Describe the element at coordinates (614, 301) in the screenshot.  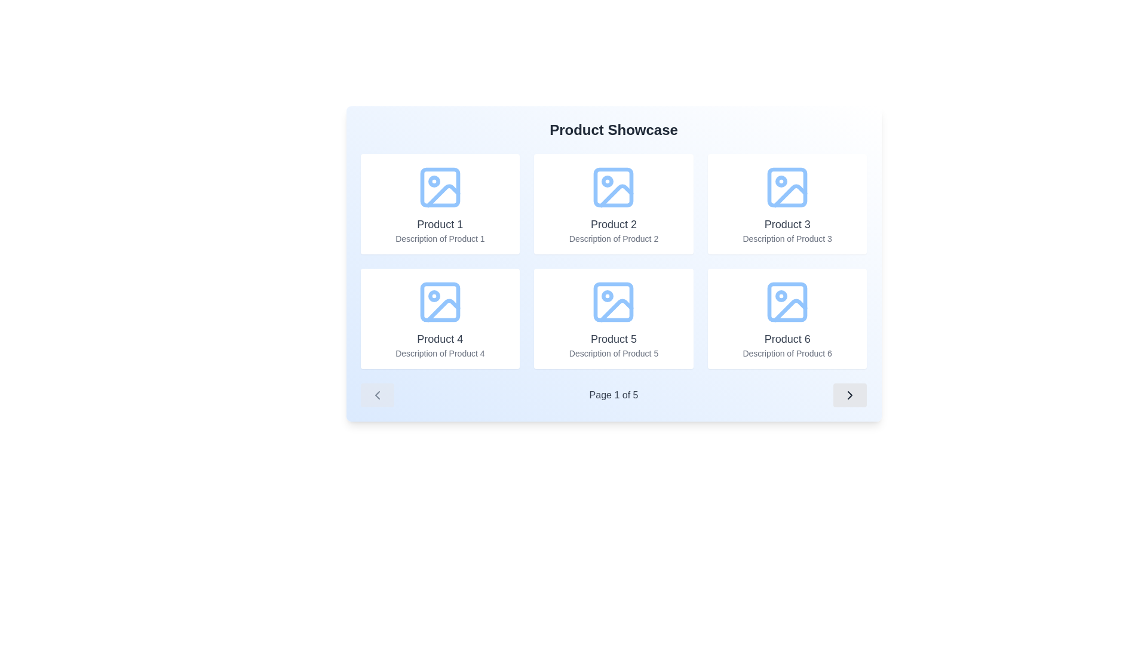
I see `the visual icon representing 'Product 5' located in the second row and third column of the grid layout` at that location.